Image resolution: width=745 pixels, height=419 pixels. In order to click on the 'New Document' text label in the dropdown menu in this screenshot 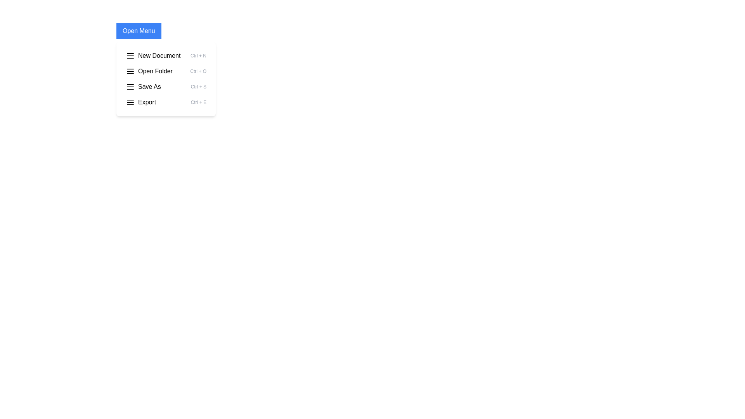, I will do `click(159, 55)`.